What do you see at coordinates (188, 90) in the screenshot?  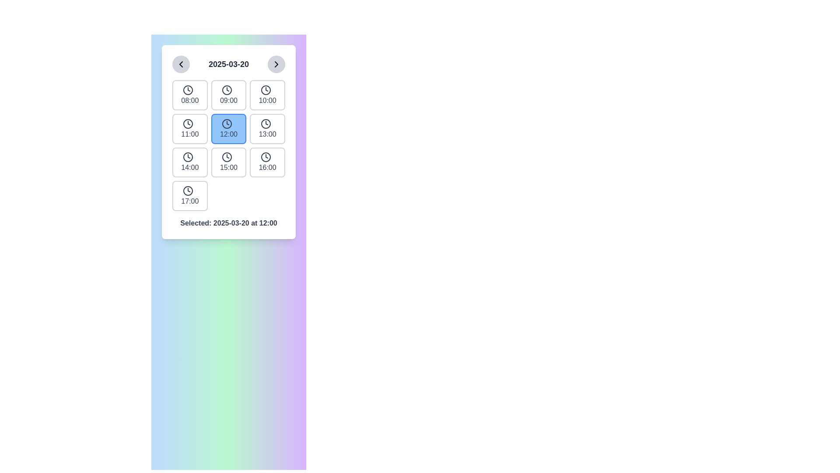 I see `the clock icon representing the '08:00' time slot in the top-left section of the time slots grid` at bounding box center [188, 90].